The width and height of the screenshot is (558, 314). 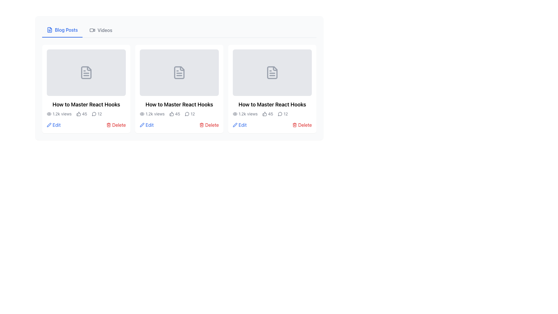 I want to click on the main file representation icon located in the second card of three horizontally arranged cards, so click(x=272, y=72).